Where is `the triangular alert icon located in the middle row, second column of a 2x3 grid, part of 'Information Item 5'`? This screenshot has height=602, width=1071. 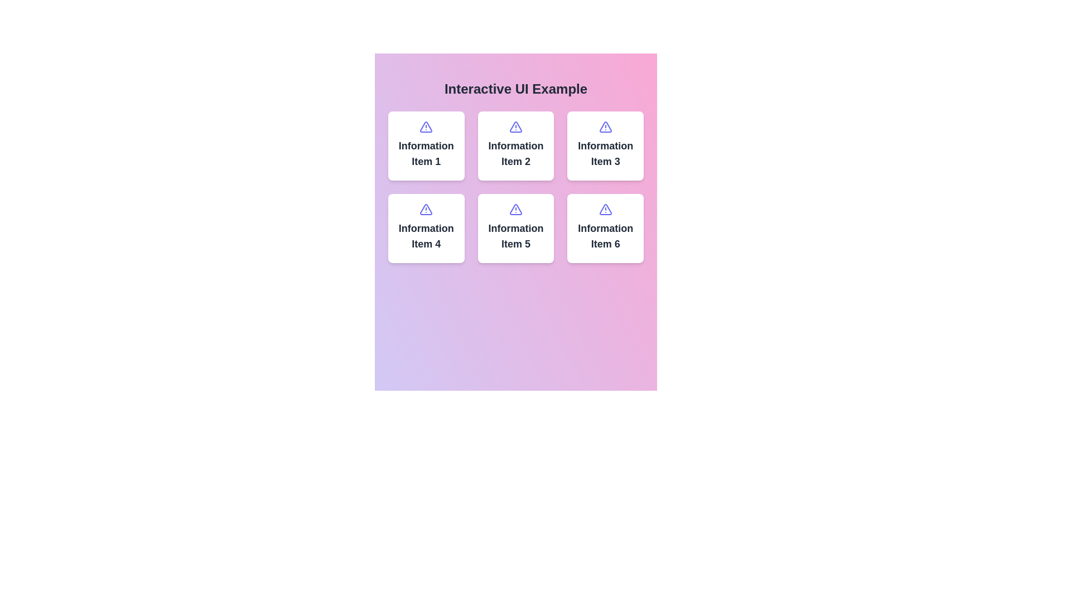 the triangular alert icon located in the middle row, second column of a 2x3 grid, part of 'Information Item 5' is located at coordinates (515, 209).